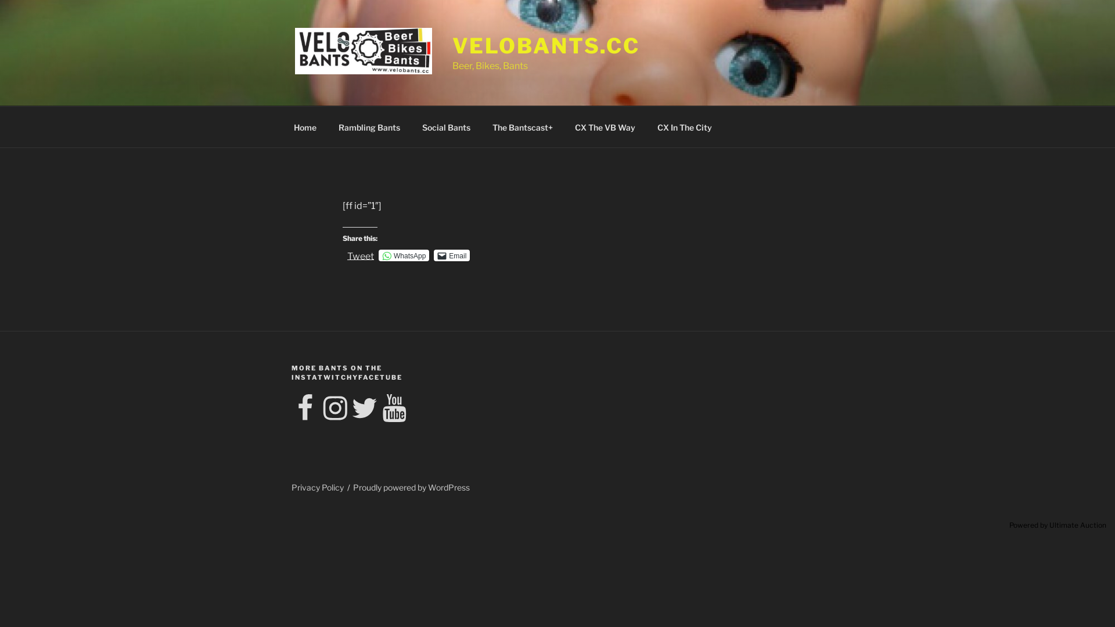 The width and height of the screenshot is (1115, 627). Describe the element at coordinates (368, 127) in the screenshot. I see `'Rambling Bants'` at that location.